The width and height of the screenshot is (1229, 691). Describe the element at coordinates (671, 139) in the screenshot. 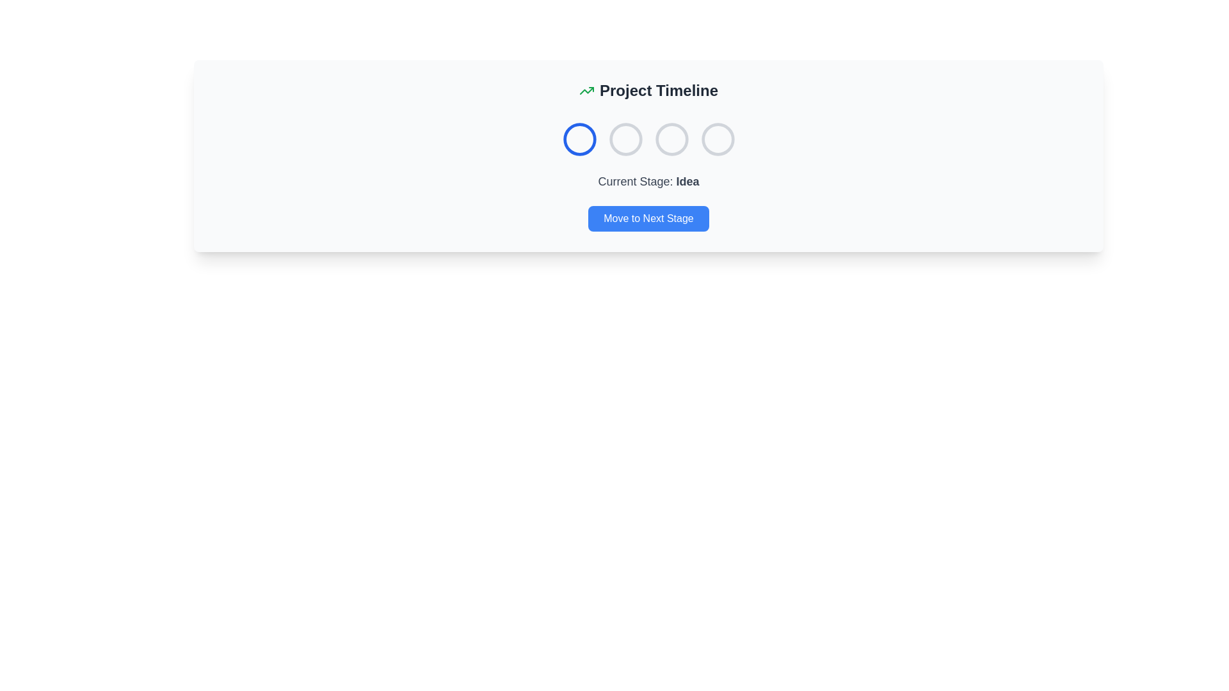

I see `the third circular Step Indicator in the project timeline interface, which has a gray border and no fill` at that location.